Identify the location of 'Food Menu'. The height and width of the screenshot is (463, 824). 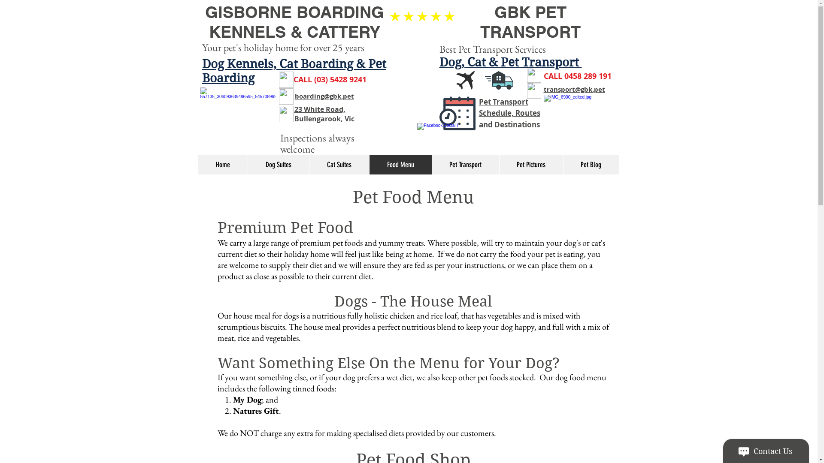
(400, 165).